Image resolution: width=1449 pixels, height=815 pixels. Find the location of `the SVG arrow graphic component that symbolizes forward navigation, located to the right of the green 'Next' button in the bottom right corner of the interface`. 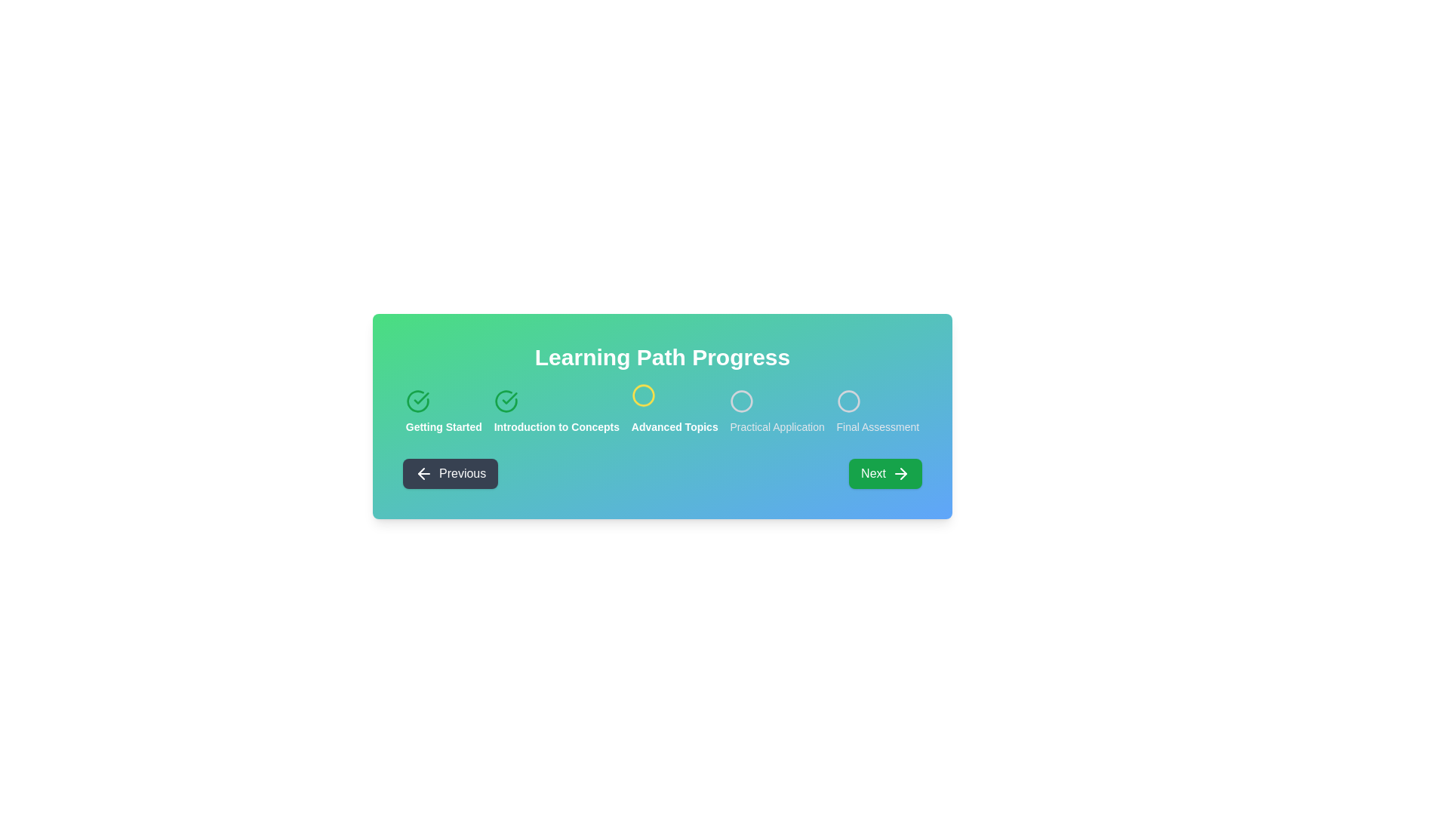

the SVG arrow graphic component that symbolizes forward navigation, located to the right of the green 'Next' button in the bottom right corner of the interface is located at coordinates (903, 473).